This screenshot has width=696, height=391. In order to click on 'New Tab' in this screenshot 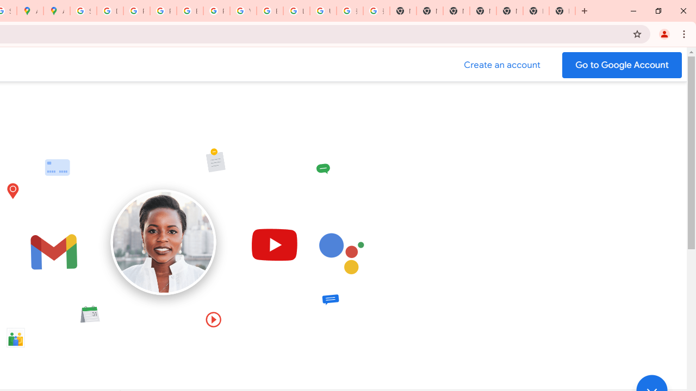, I will do `click(536, 11)`.